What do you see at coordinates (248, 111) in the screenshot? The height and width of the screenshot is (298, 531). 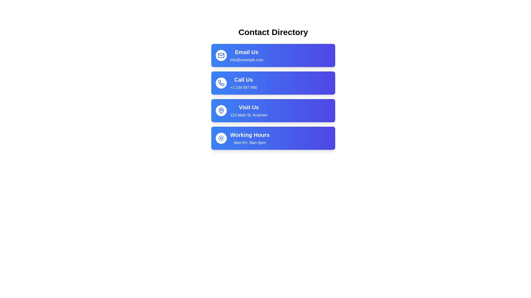 I see `address information displayed in the third block of the contact information column, which follows 'Email Us' and 'Call Us' and precedes 'Working Hours.'` at bounding box center [248, 111].